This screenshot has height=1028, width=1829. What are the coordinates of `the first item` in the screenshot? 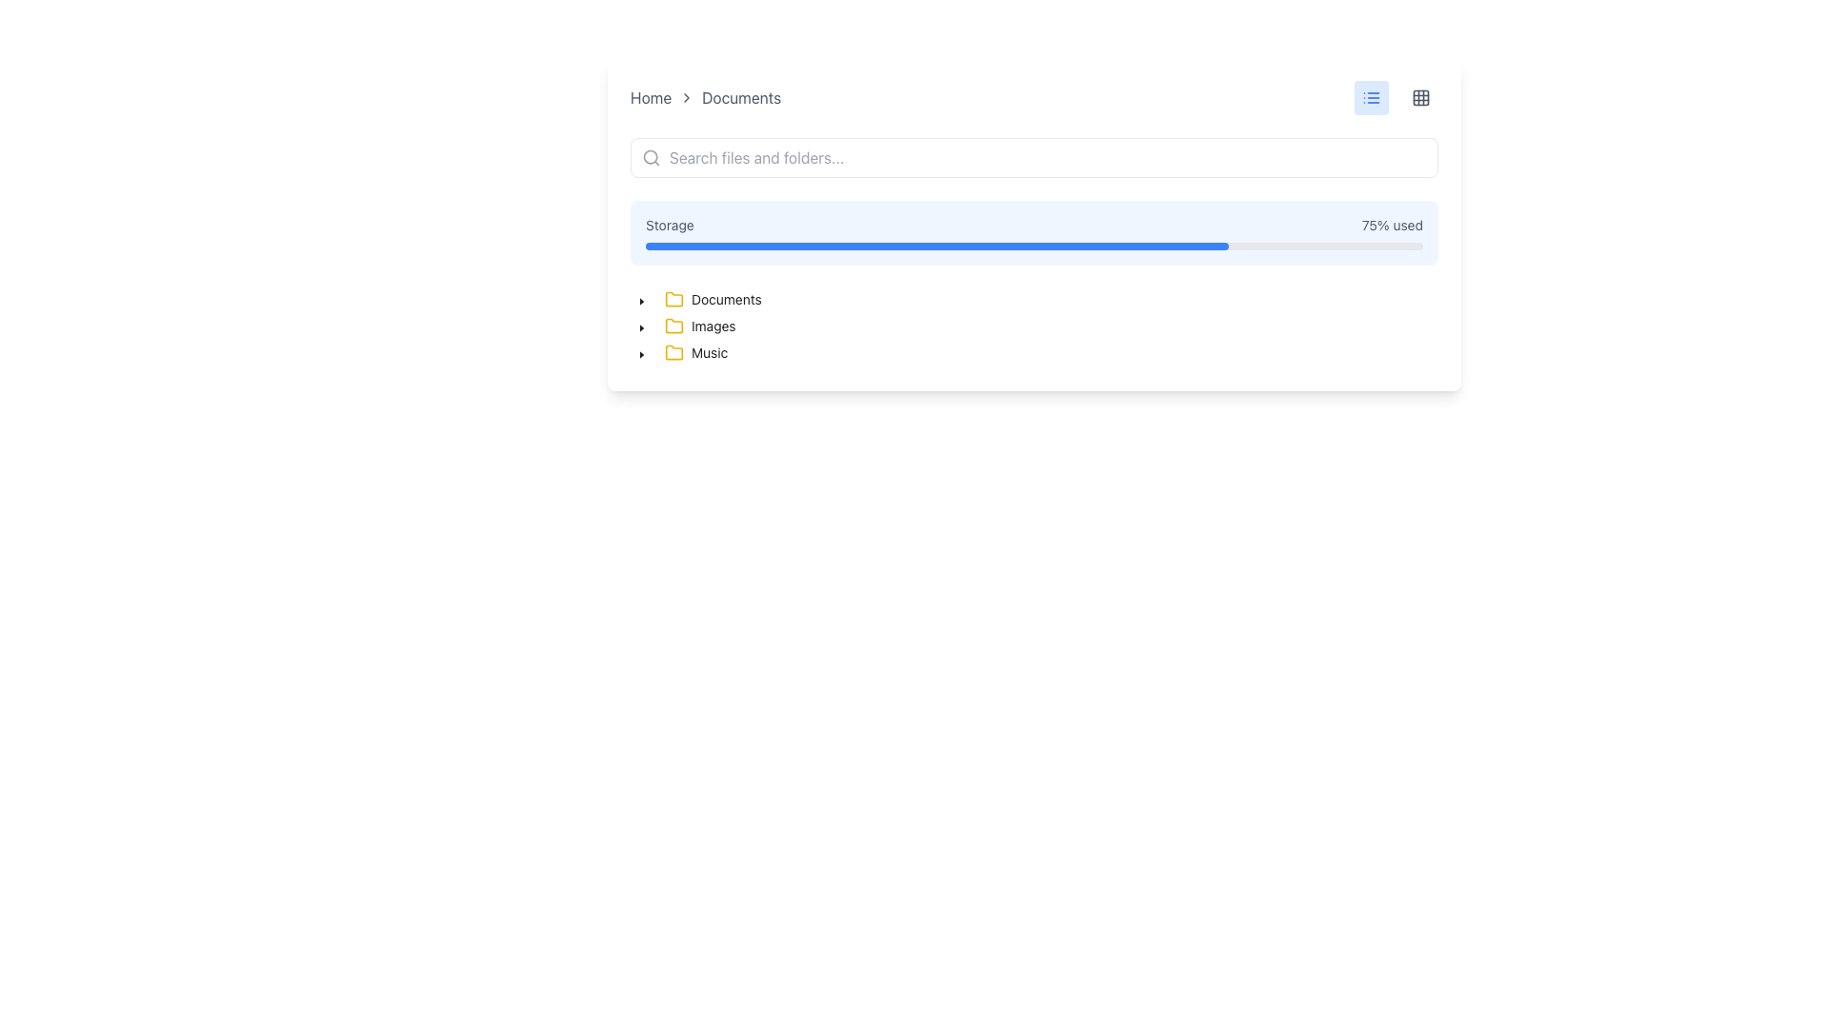 It's located at (712, 300).